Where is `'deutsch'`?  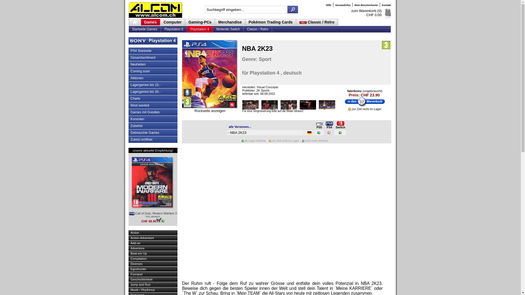
'deutsch' is located at coordinates (309, 133).